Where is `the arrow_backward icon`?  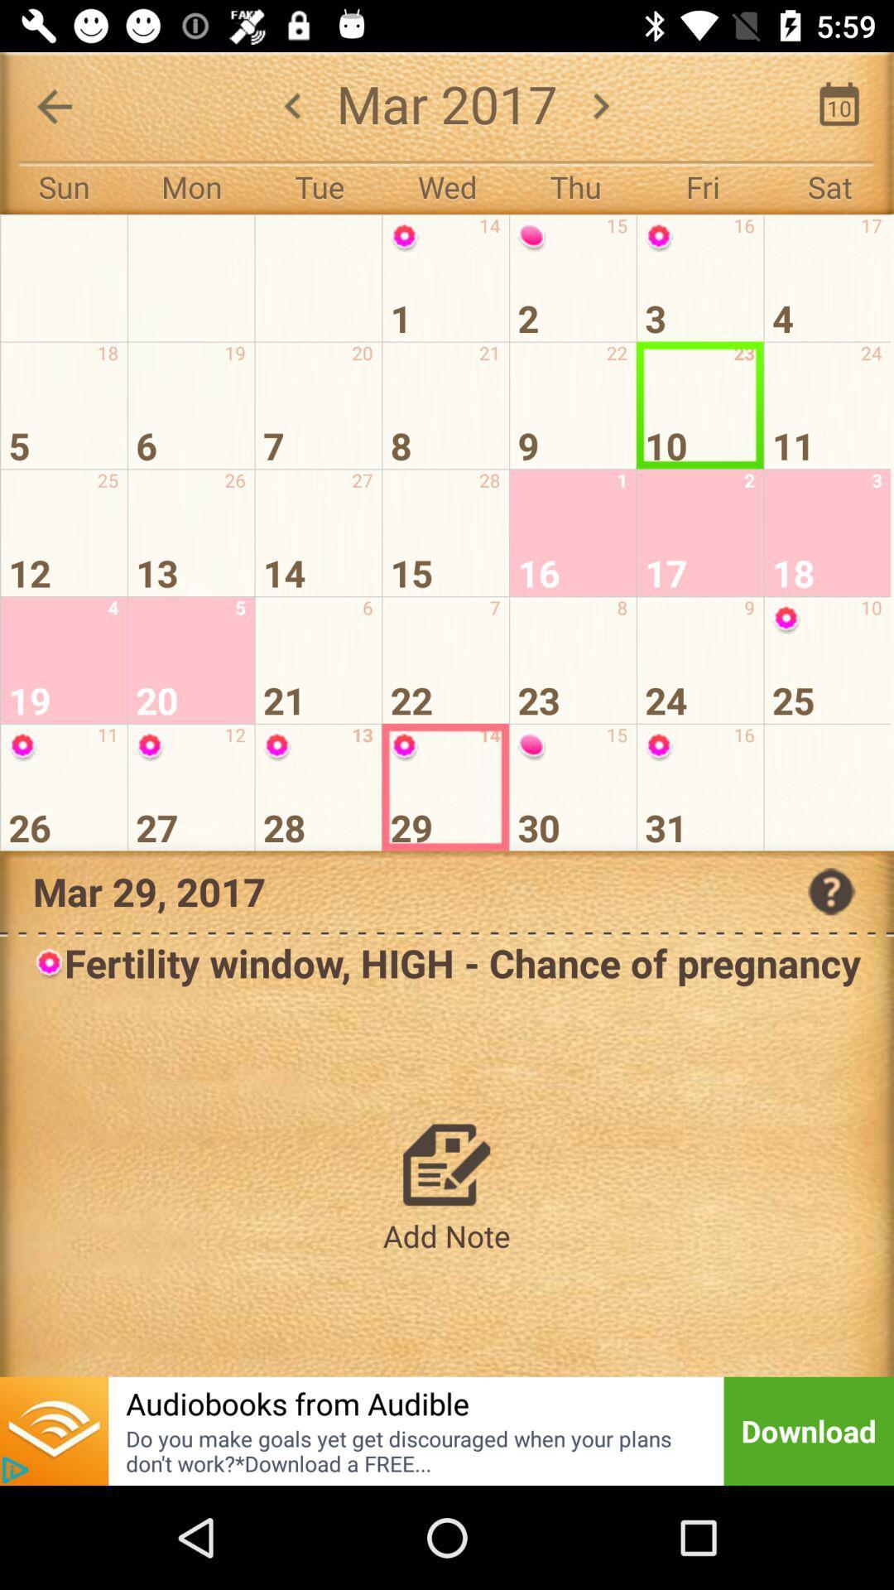
the arrow_backward icon is located at coordinates (53, 105).